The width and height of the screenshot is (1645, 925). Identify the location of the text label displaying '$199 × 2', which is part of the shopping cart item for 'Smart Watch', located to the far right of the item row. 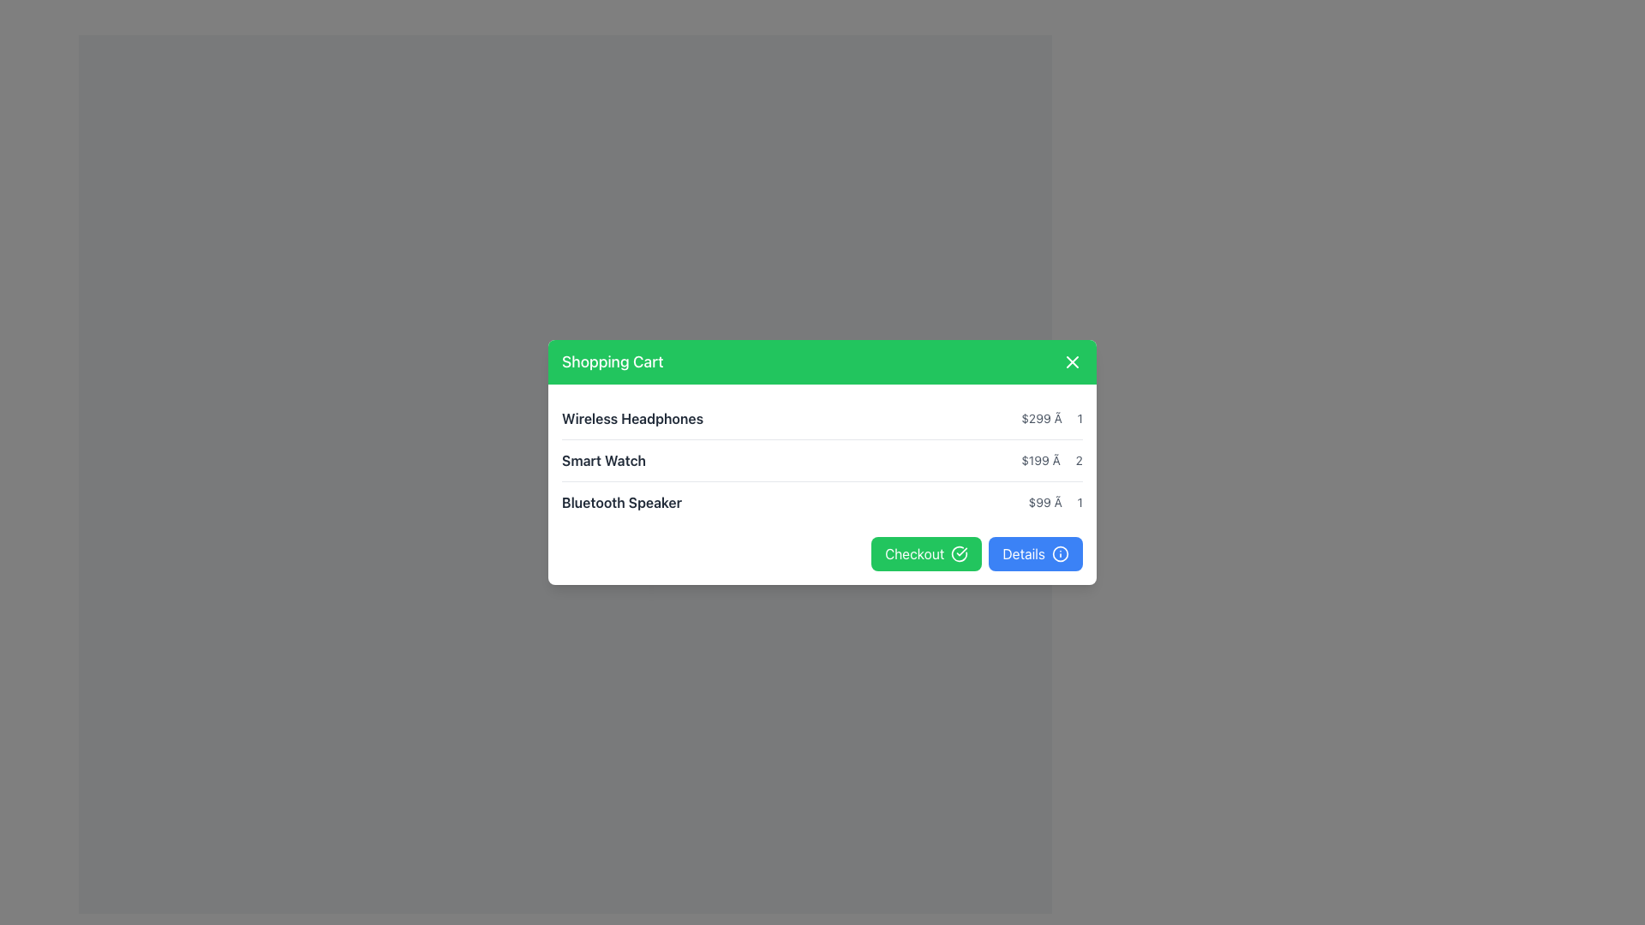
(1051, 459).